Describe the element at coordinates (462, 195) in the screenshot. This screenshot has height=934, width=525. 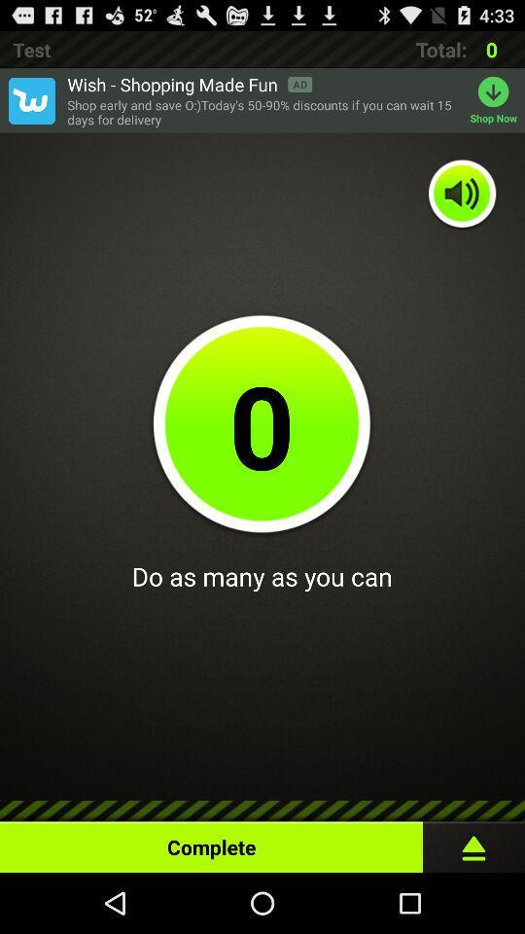
I see `switch sound off` at that location.